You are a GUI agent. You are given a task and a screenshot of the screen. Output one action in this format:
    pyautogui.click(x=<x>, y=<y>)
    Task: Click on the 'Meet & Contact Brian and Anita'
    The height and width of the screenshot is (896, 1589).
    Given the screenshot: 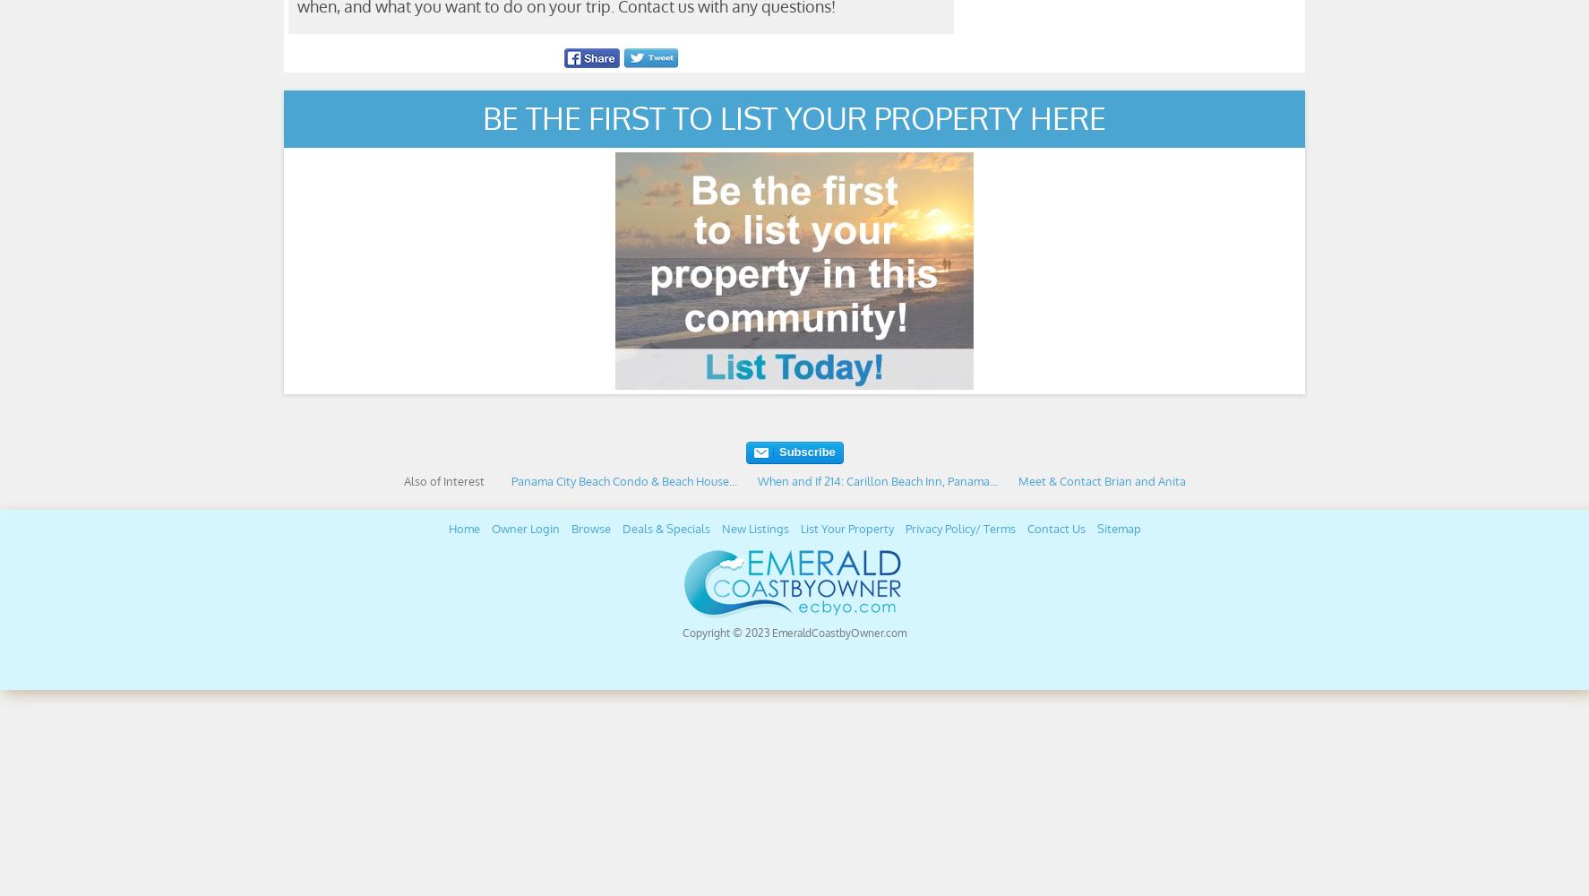 What is the action you would take?
    pyautogui.click(x=1017, y=481)
    